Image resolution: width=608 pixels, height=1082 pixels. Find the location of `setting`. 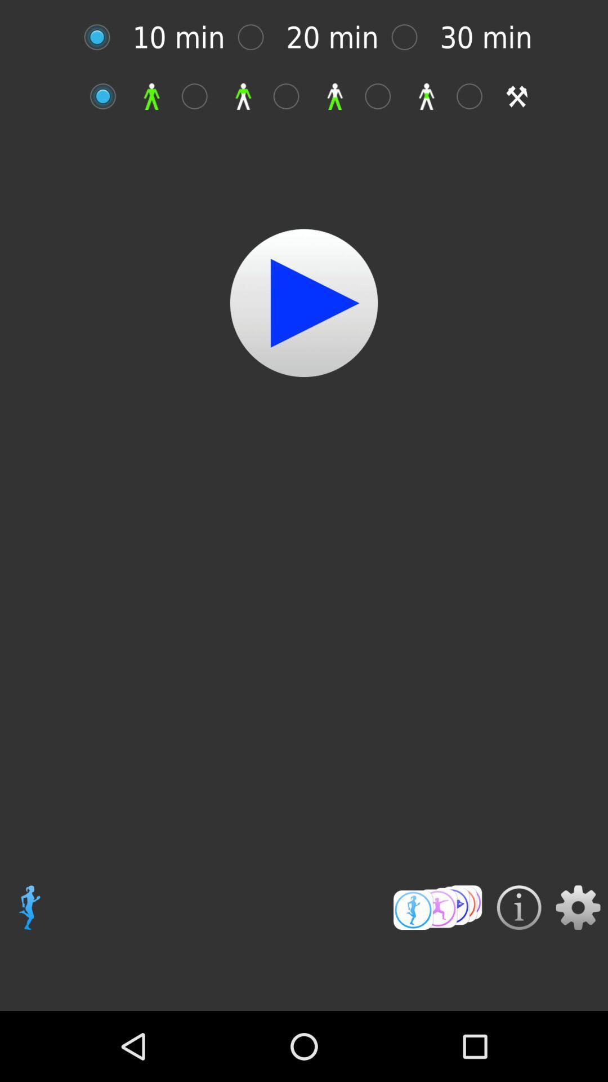

setting is located at coordinates (475, 96).